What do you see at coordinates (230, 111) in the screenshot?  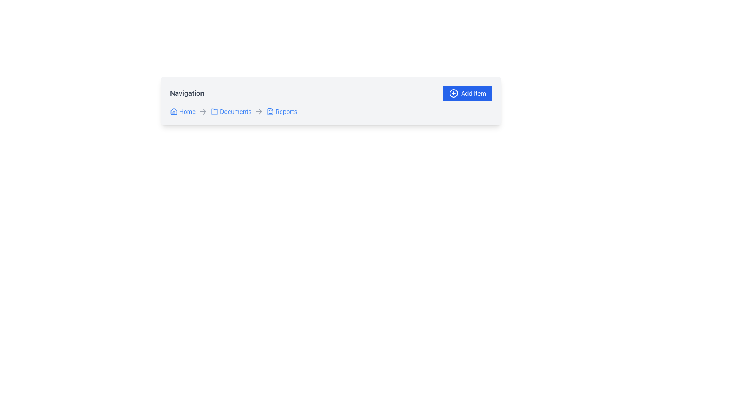 I see `the 'Documents' hyperlink, which is the second item in the breadcrumb navigation between 'Home' and 'Reports', to trigger the underline effect` at bounding box center [230, 111].